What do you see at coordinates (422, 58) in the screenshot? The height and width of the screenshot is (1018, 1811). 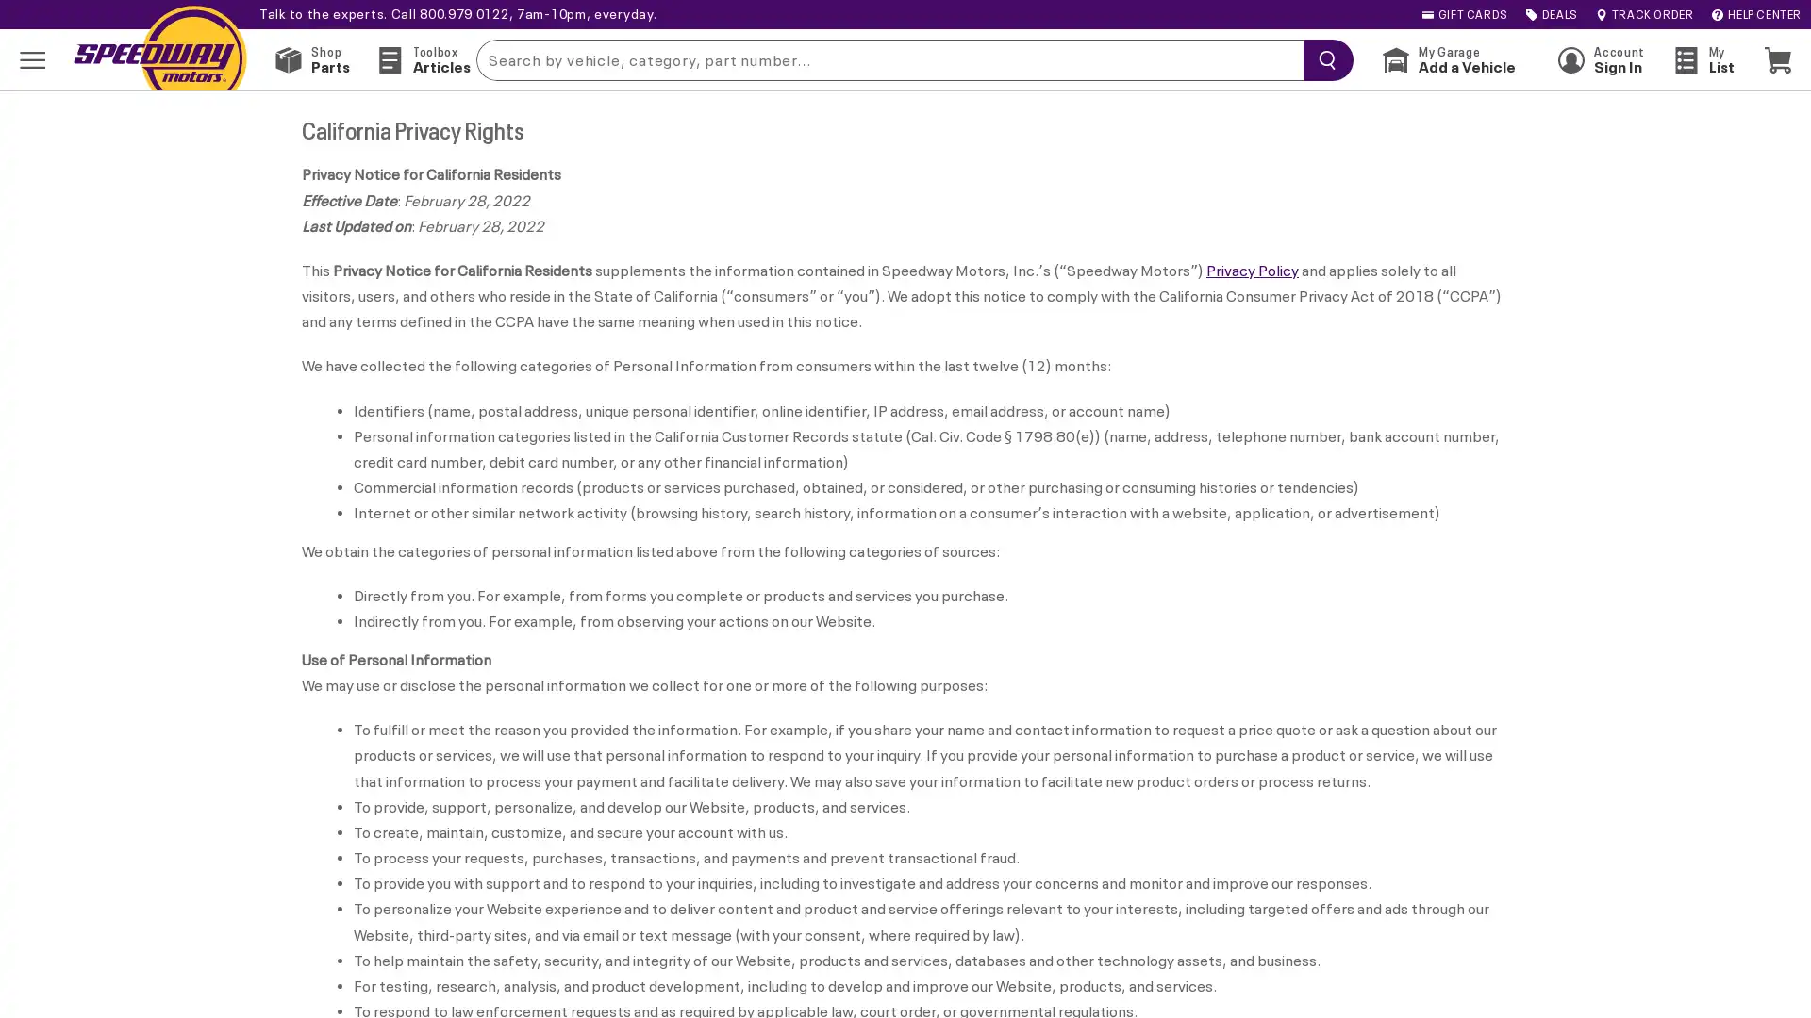 I see `Toolbox Articles` at bounding box center [422, 58].